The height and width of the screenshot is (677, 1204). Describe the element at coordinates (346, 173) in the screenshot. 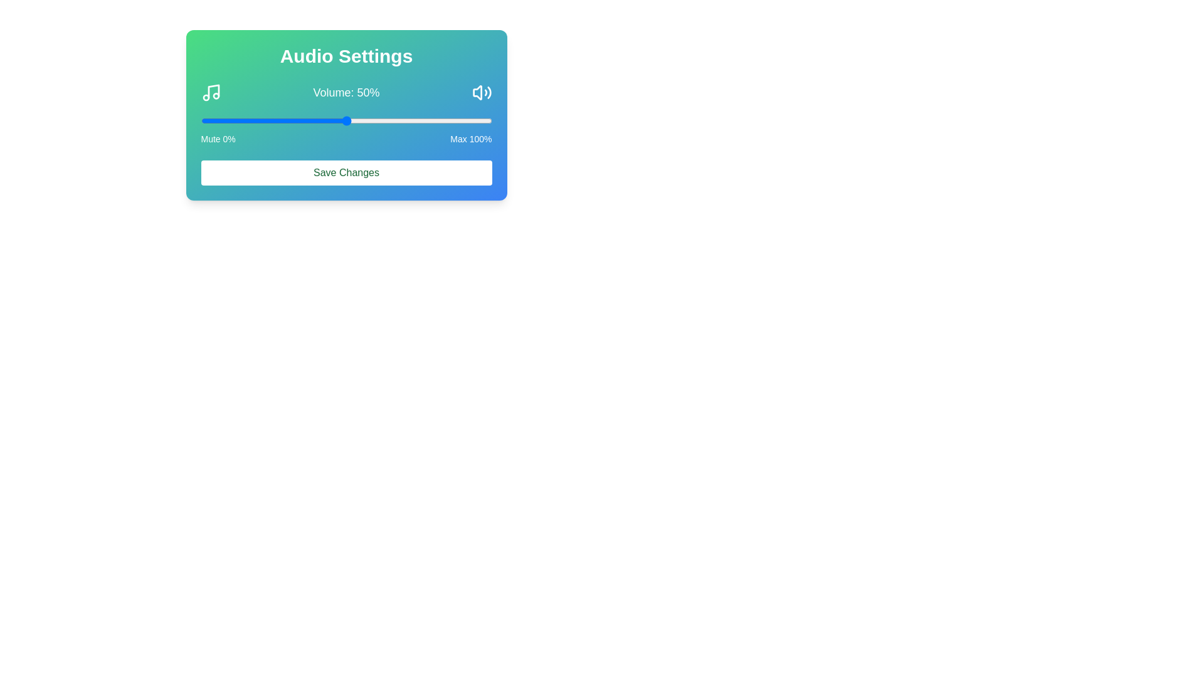

I see `the interactive element save_changes_button to observe its effects` at that location.